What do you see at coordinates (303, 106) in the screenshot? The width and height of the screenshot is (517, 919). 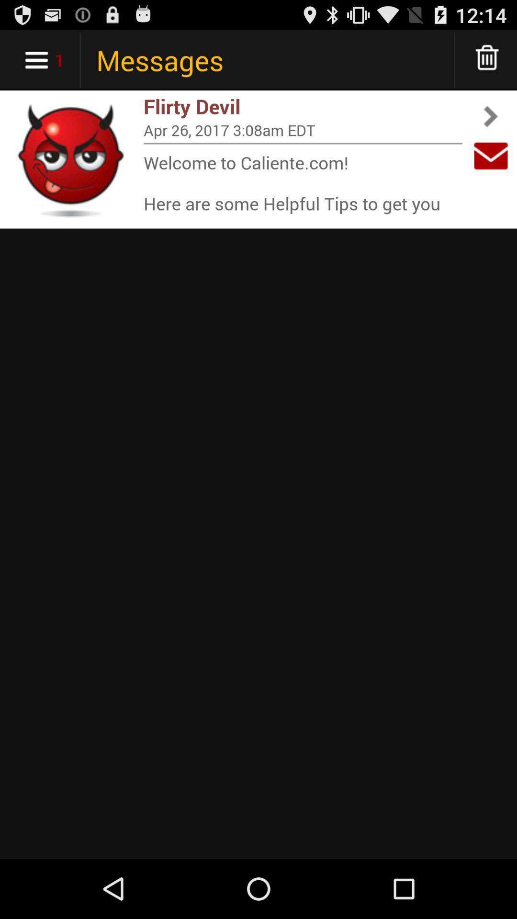 I see `the app below the messages icon` at bounding box center [303, 106].